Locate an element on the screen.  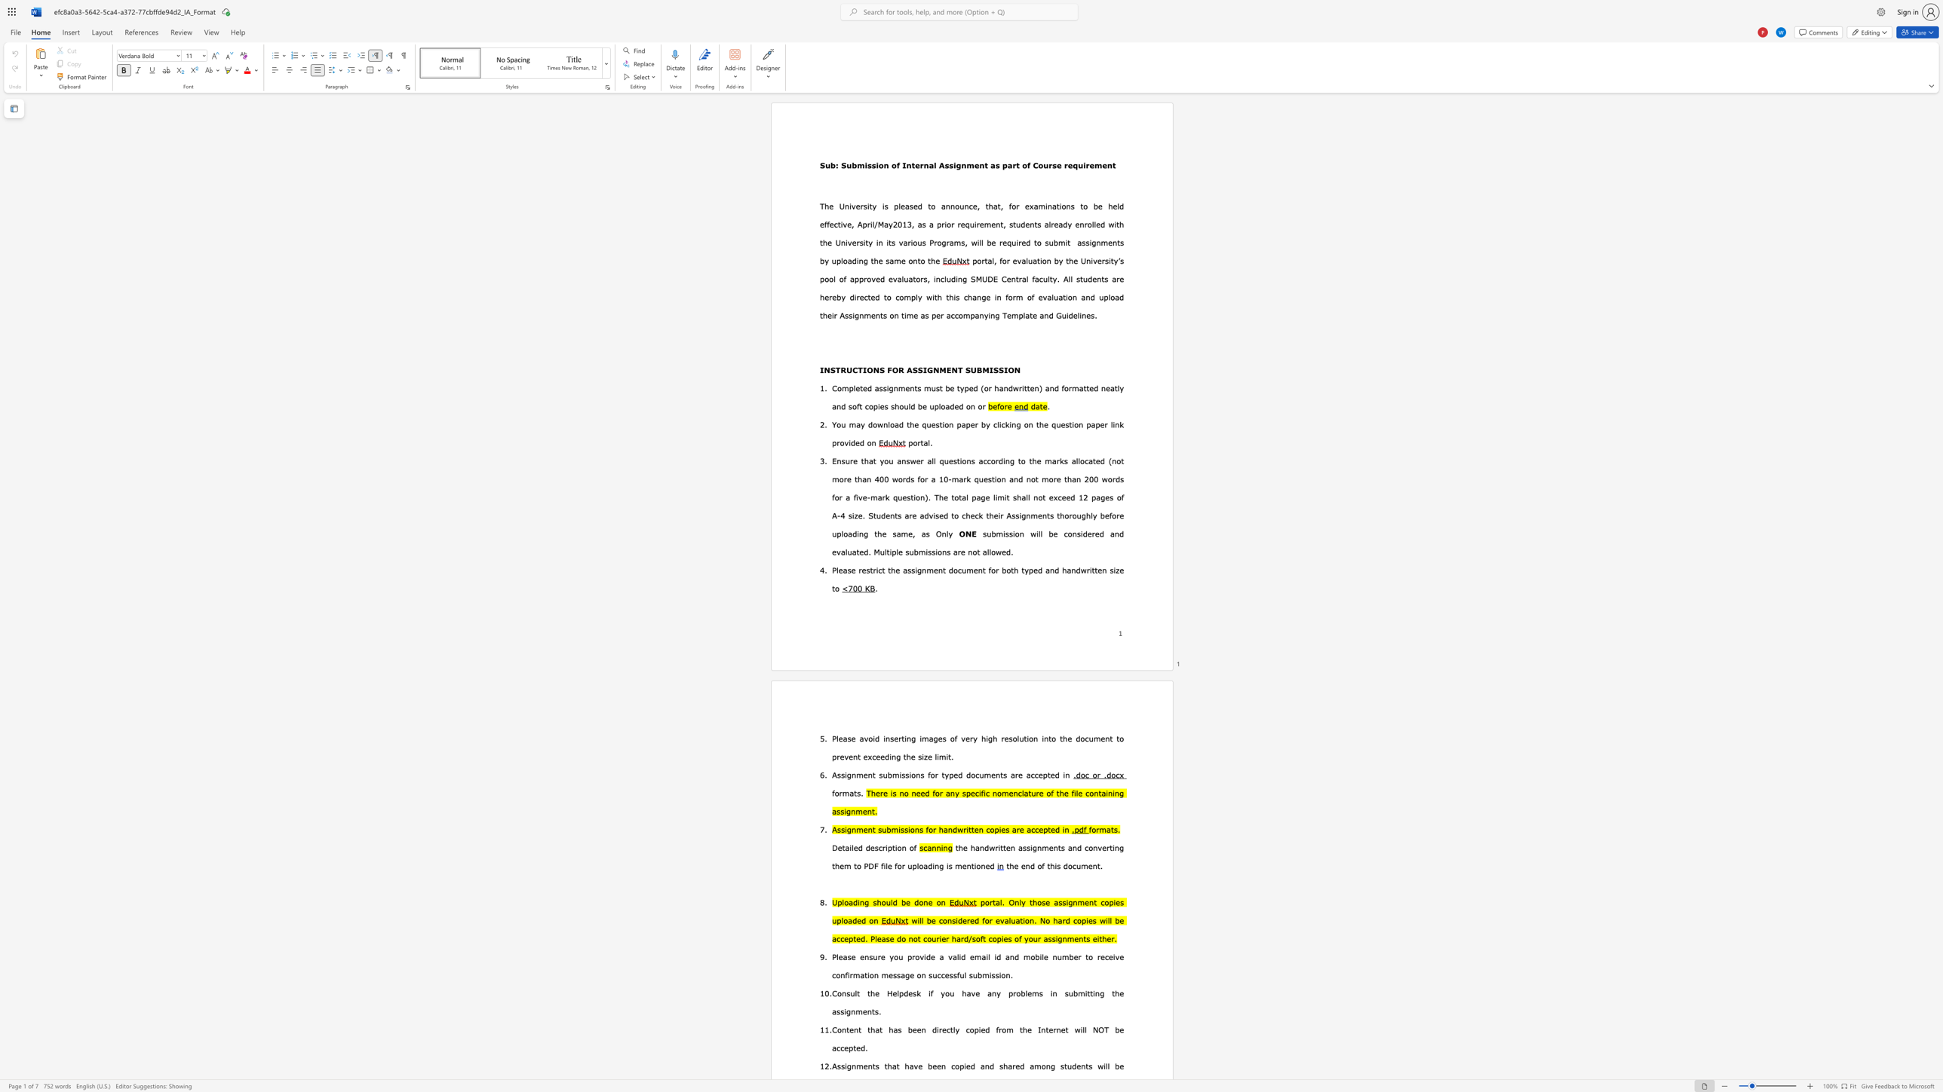
the subset text "ould be uploaded o" within the text "and formatted neatly and soft copies should be uploaded on or" is located at coordinates (899, 405).